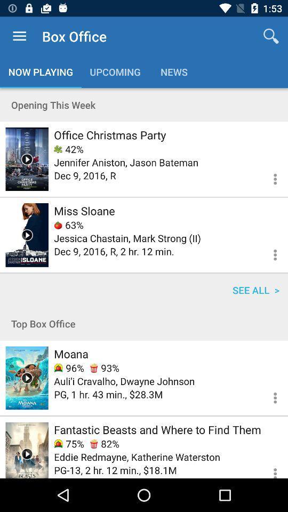 This screenshot has height=512, width=288. I want to click on icon above the jennifer aniston jason item, so click(69, 148).